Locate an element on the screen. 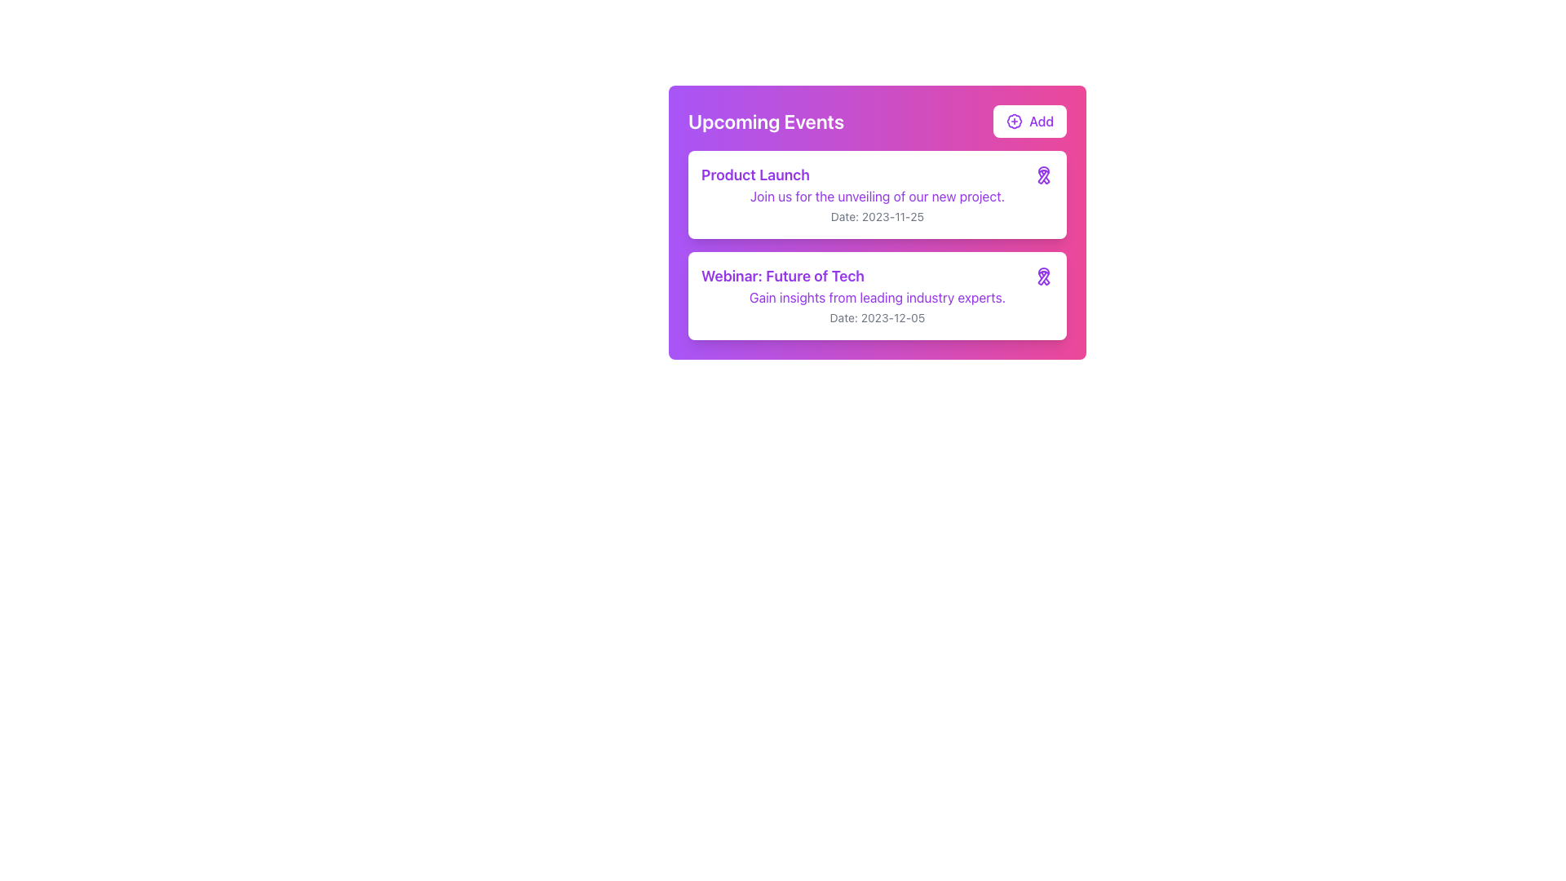 This screenshot has height=881, width=1566. the sleek, modern purple ribbon icon located in the right corner of the second event card in the 'Upcoming Events' section is located at coordinates (1044, 175).